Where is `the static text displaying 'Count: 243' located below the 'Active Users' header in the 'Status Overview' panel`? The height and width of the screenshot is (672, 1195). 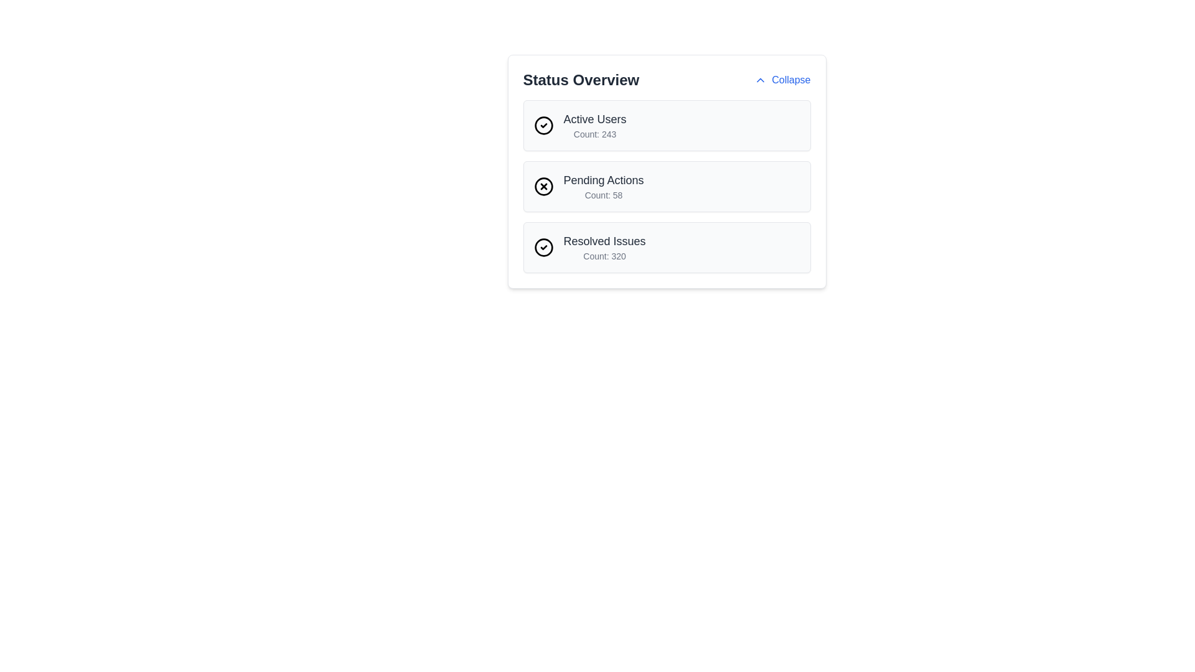 the static text displaying 'Count: 243' located below the 'Active Users' header in the 'Status Overview' panel is located at coordinates (594, 134).